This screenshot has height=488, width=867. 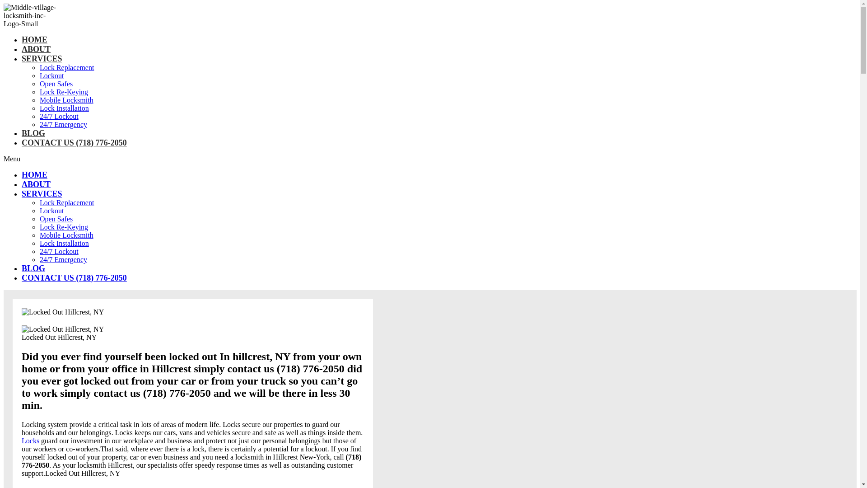 I want to click on 'Lock Re-Keying', so click(x=39, y=226).